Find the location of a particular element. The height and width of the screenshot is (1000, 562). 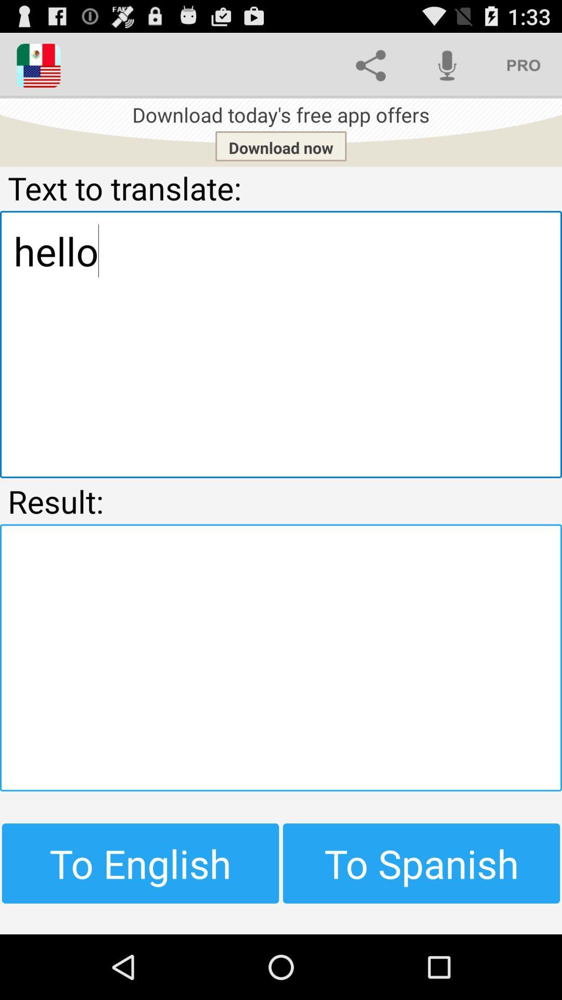

text area is located at coordinates (281, 657).